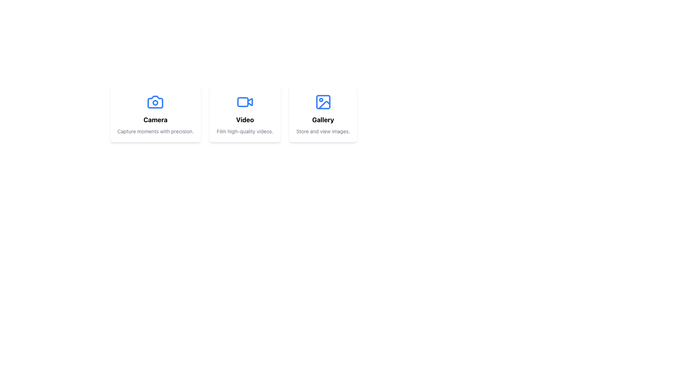  Describe the element at coordinates (324, 105) in the screenshot. I see `the decorative vector graphic representing part of the gallery icon located in the bottom-right area of the third card from the left in a horizontal row` at that location.